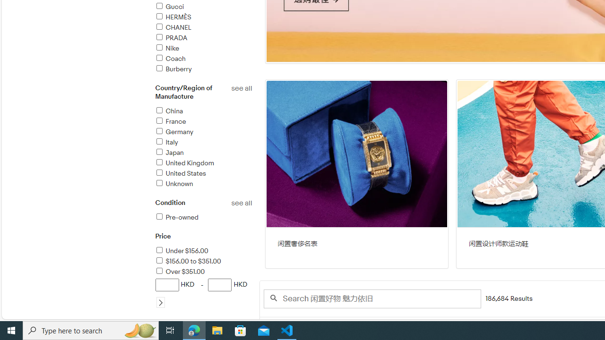 The width and height of the screenshot is (605, 340). I want to click on 'France', so click(170, 121).